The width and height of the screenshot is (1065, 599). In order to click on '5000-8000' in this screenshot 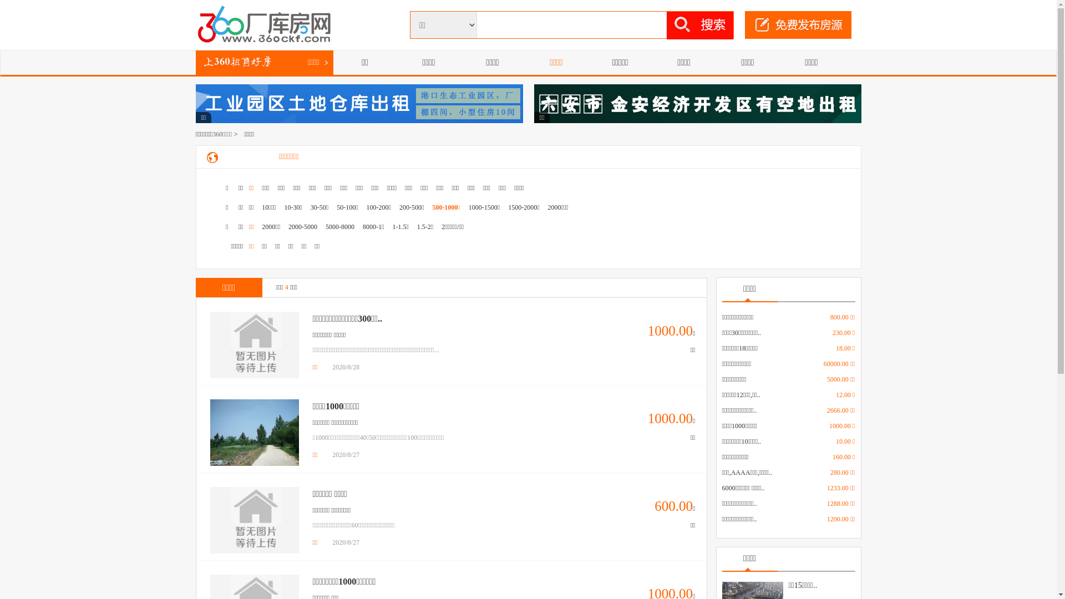, I will do `click(339, 226)`.